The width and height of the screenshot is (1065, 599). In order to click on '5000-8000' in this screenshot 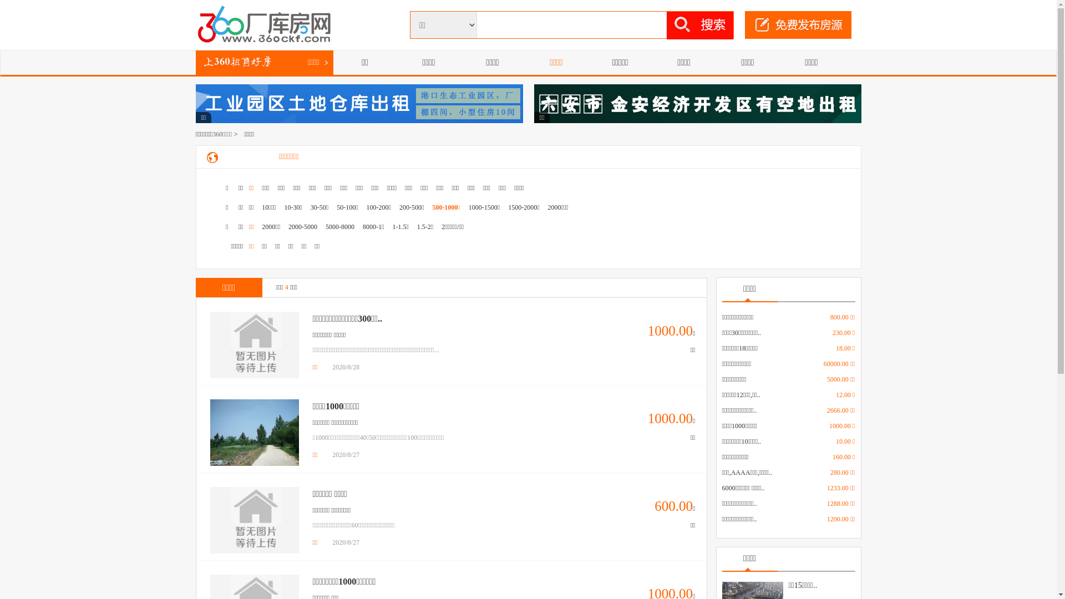, I will do `click(339, 226)`.